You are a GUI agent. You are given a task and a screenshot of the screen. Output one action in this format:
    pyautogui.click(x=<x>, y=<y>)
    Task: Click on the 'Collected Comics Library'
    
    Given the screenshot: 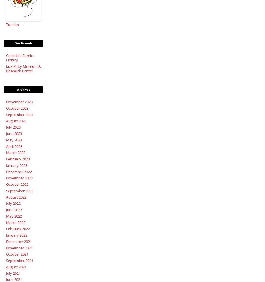 What is the action you would take?
    pyautogui.click(x=20, y=57)
    